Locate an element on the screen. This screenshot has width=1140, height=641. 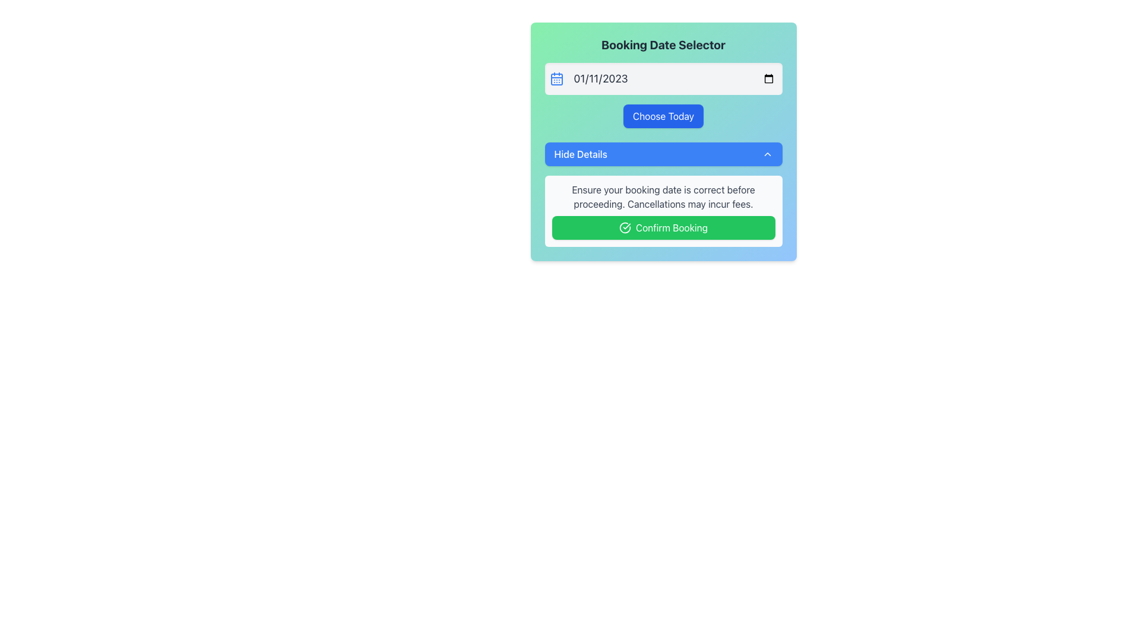
the button located directly below the 'Choose Today' button is located at coordinates (663, 153).